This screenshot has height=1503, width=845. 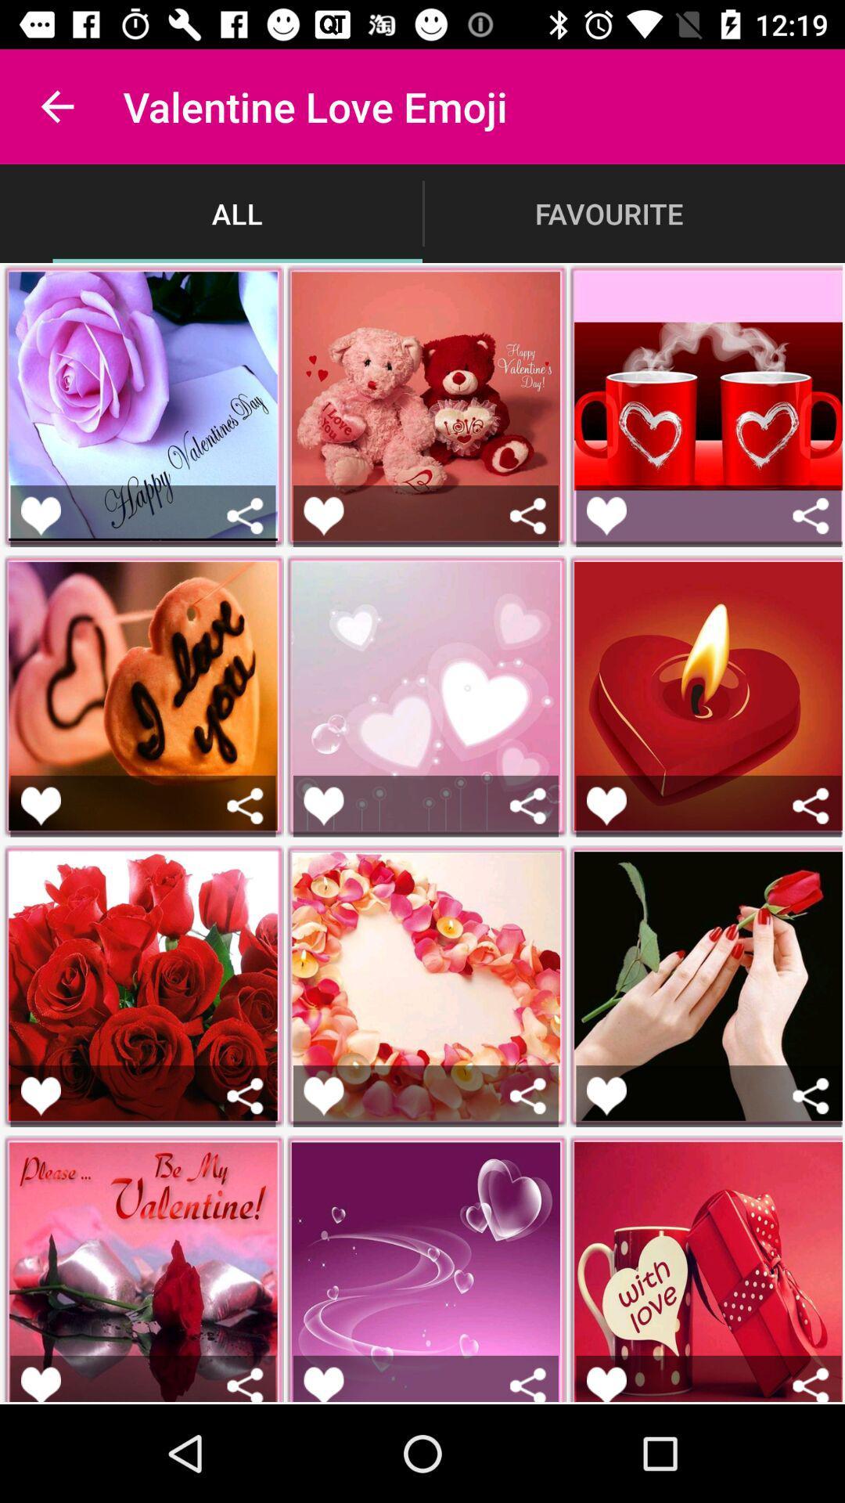 I want to click on share the sticker, so click(x=810, y=806).